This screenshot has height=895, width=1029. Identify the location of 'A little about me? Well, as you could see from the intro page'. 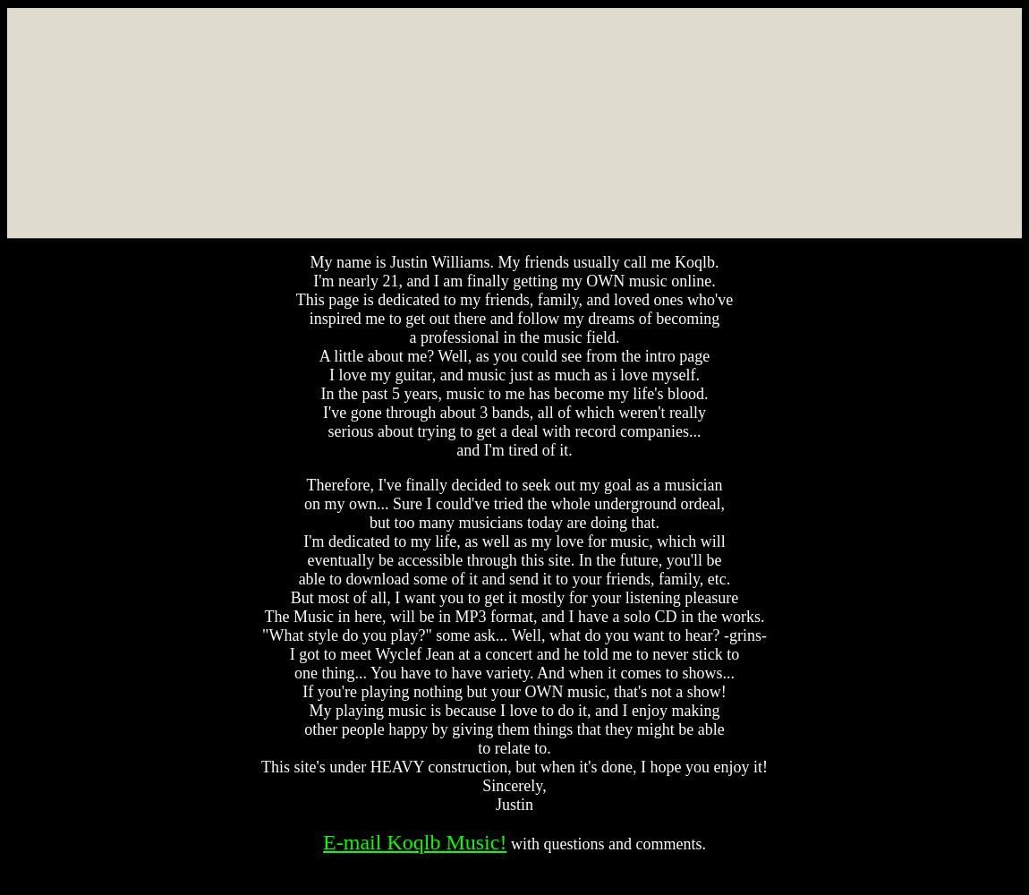
(514, 356).